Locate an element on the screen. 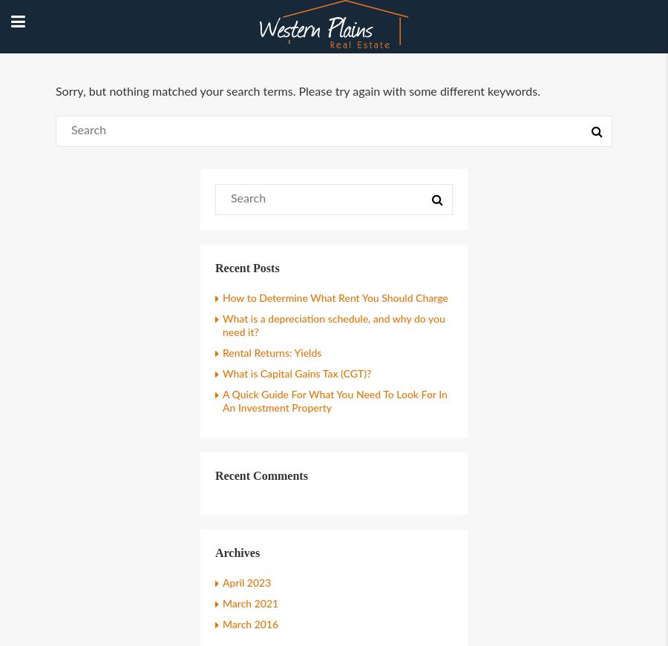  'Recent Posts' is located at coordinates (246, 266).